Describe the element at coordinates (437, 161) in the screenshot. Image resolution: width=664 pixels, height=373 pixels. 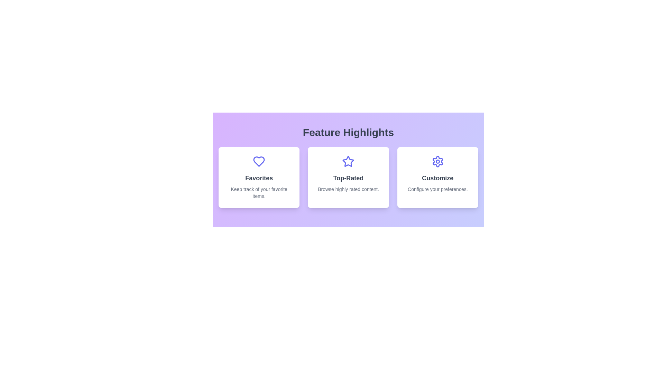
I see `the cogwheel icon representing settings for the 'Customize' card, located at the rightmost position of the three feature cards` at that location.